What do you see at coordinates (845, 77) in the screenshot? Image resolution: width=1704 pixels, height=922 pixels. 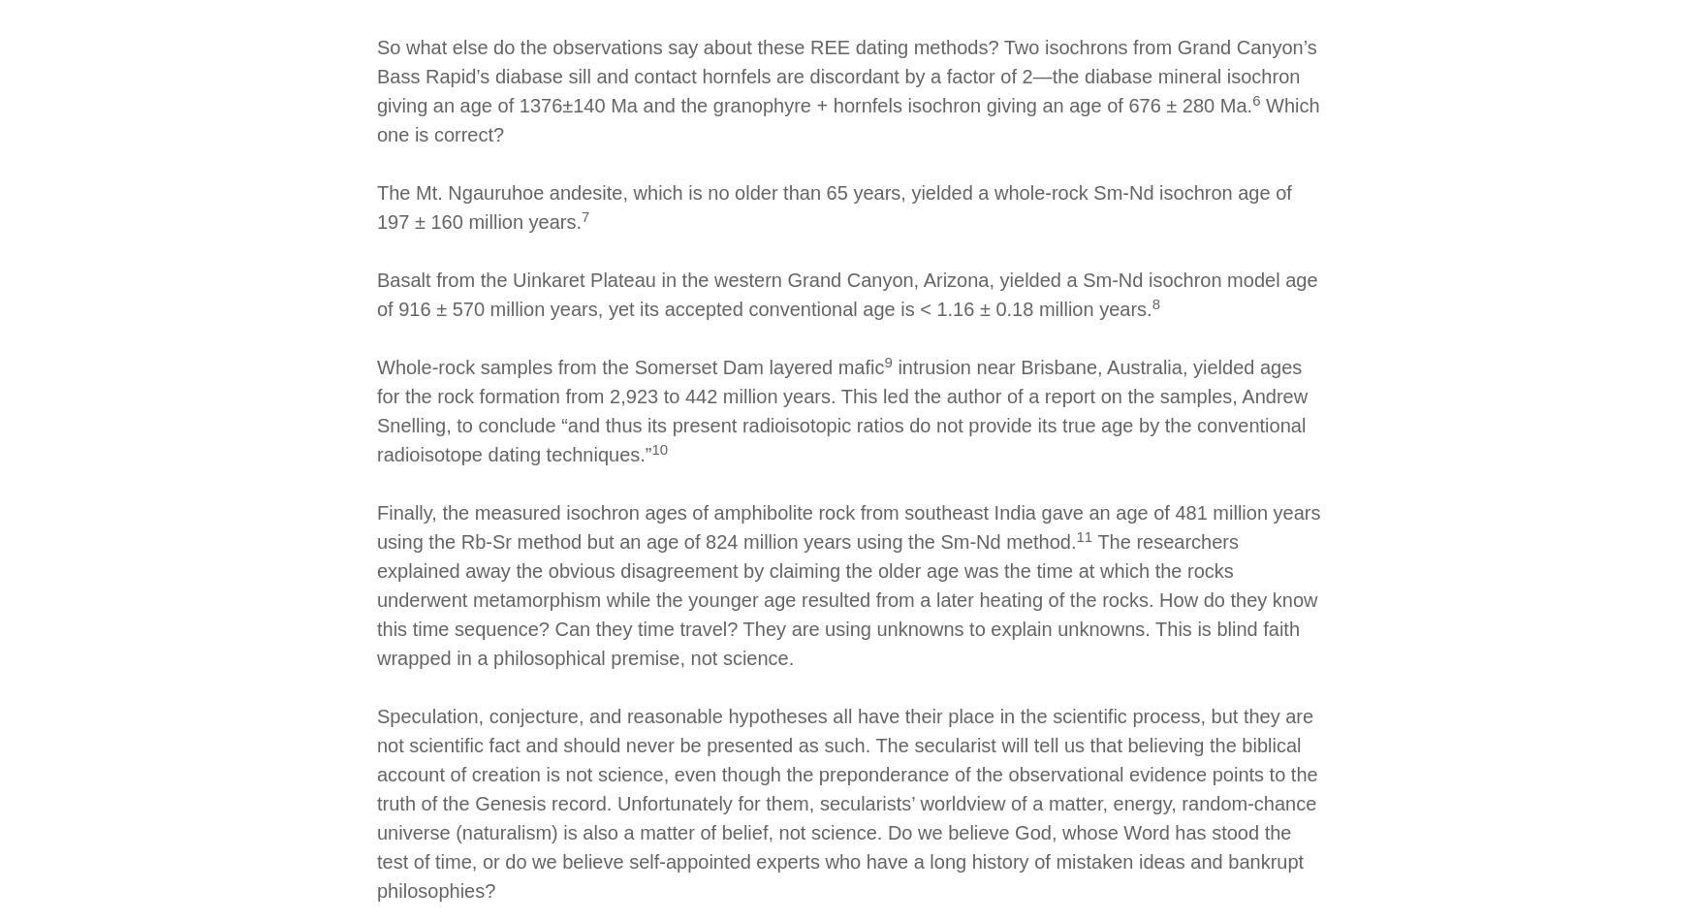 I see `'So what else do the observations say about these REE dating methods? Two isochrons from Grand Canyon’s Bass Rapid’s diabase sill and contact hornfels are discordant by a factor of 2—the diabase mineral isochron giving an age of 1376±140 Ma and the granophyre + hornfels isochron giving an age of 676 ± 280 Ma.'` at bounding box center [845, 77].